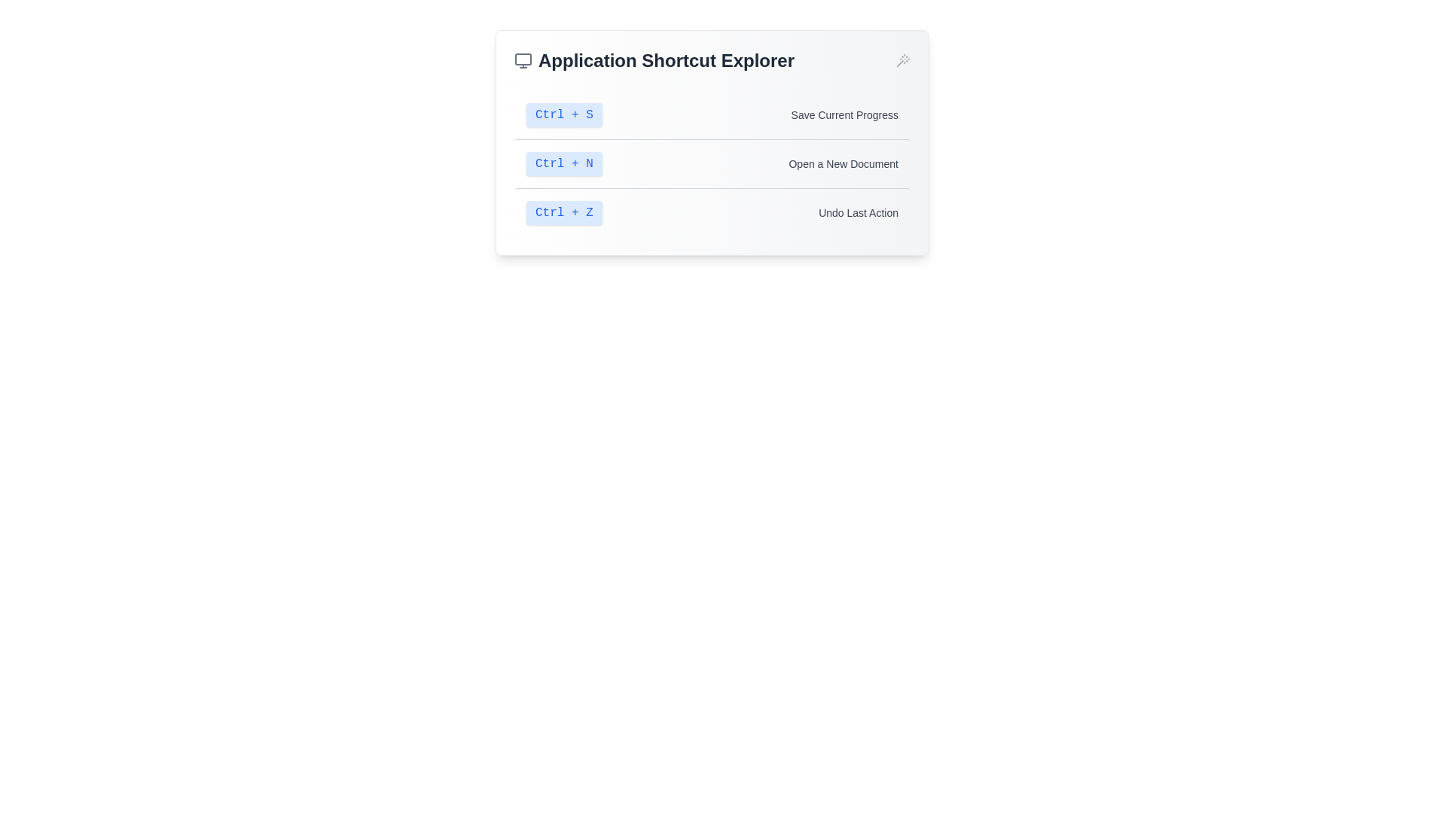 This screenshot has height=813, width=1446. I want to click on the icon in the top-right corner of the 'Application Shortcut Explorer', so click(903, 60).